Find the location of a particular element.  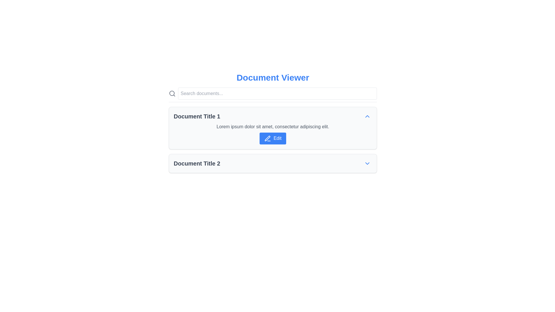

the circular lens component of the magnifying glass icon in the SVG element, which has an 8-pixel radius and is positioned near the left of the search bar at the top of the interface is located at coordinates (172, 93).